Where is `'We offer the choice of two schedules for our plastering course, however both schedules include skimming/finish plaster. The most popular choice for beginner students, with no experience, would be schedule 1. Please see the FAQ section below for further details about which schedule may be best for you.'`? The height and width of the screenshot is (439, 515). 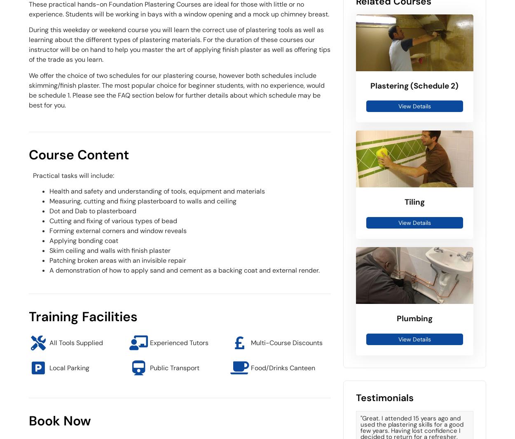
'We offer the choice of two schedules for our plastering course, however both schedules include skimming/finish plaster. The most popular choice for beginner students, with no experience, would be schedule 1. Please see the FAQ section below for further details about which schedule may be best for you.' is located at coordinates (177, 89).